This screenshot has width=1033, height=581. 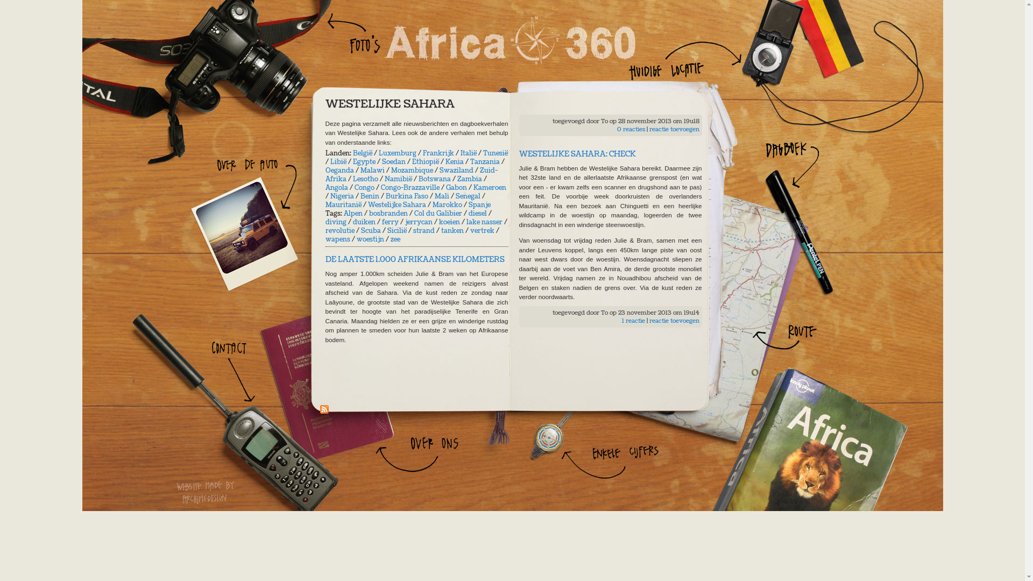 What do you see at coordinates (409, 187) in the screenshot?
I see `'Congo-Brazzaville'` at bounding box center [409, 187].